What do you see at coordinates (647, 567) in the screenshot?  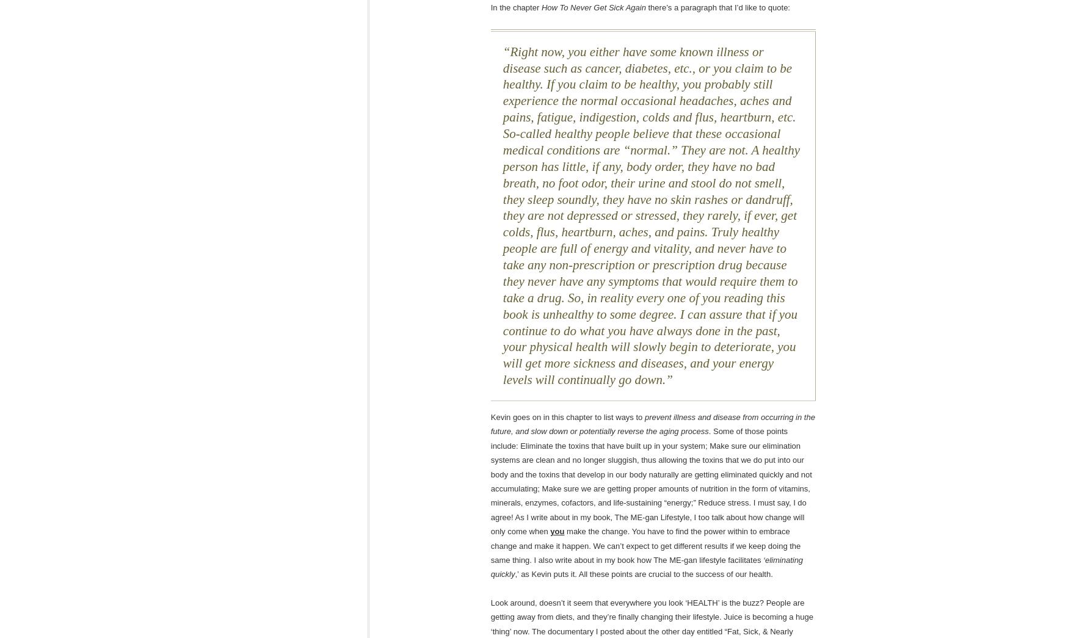 I see `'‘eliminating quickly'` at bounding box center [647, 567].